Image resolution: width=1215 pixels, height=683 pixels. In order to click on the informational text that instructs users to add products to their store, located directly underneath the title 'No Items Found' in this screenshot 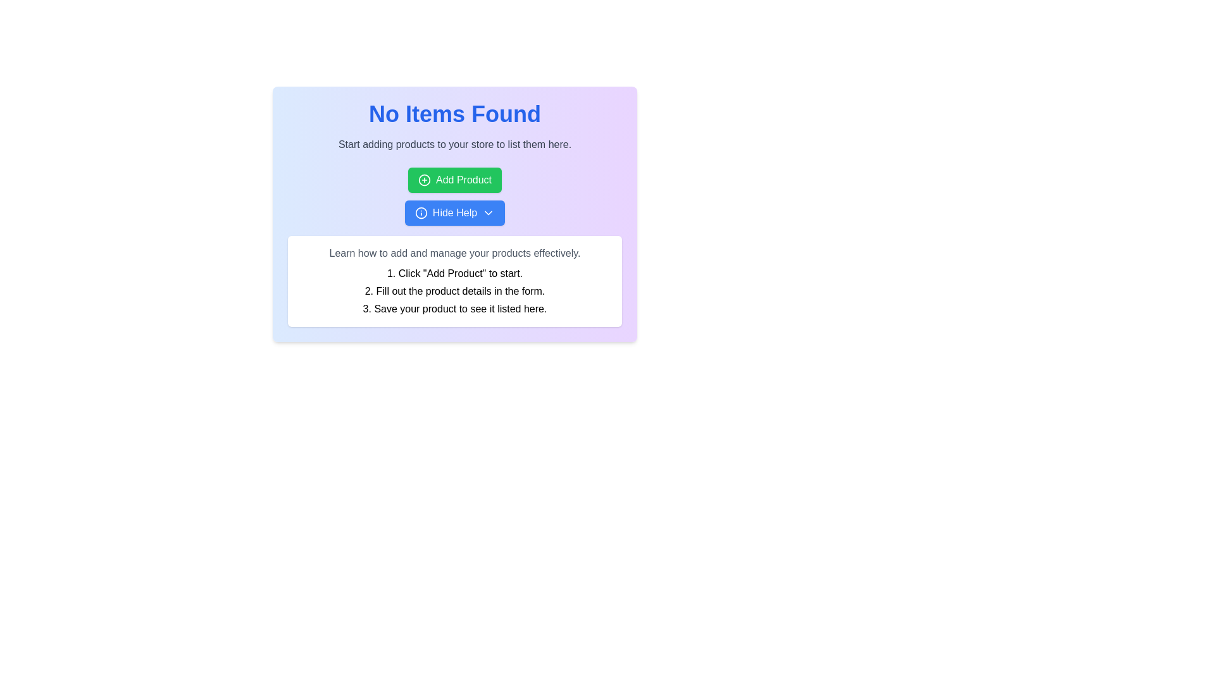, I will do `click(455, 144)`.